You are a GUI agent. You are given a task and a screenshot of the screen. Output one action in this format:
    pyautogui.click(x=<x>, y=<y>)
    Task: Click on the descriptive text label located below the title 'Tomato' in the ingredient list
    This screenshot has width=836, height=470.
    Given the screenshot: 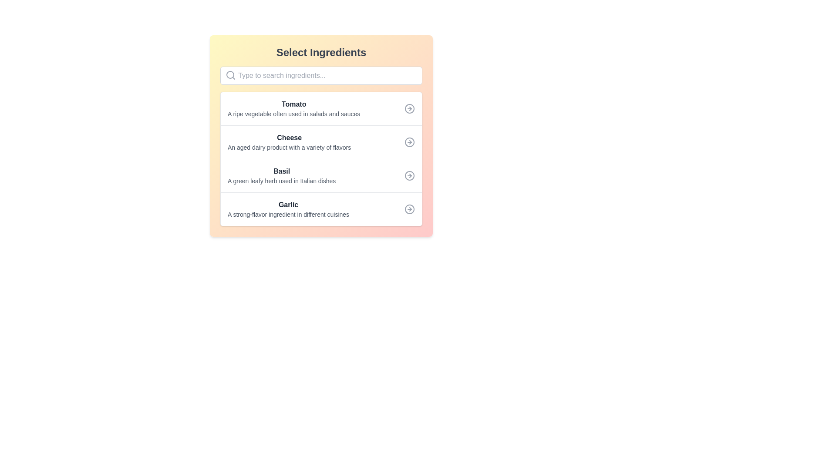 What is the action you would take?
    pyautogui.click(x=294, y=114)
    